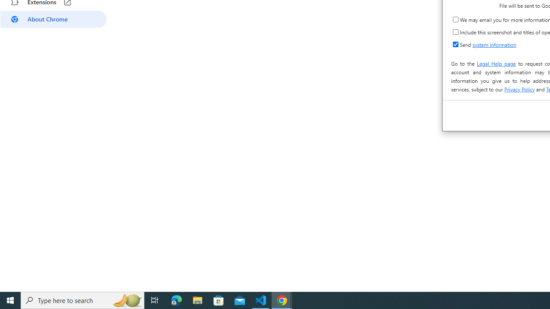  What do you see at coordinates (53, 19) in the screenshot?
I see `'About Chrome'` at bounding box center [53, 19].